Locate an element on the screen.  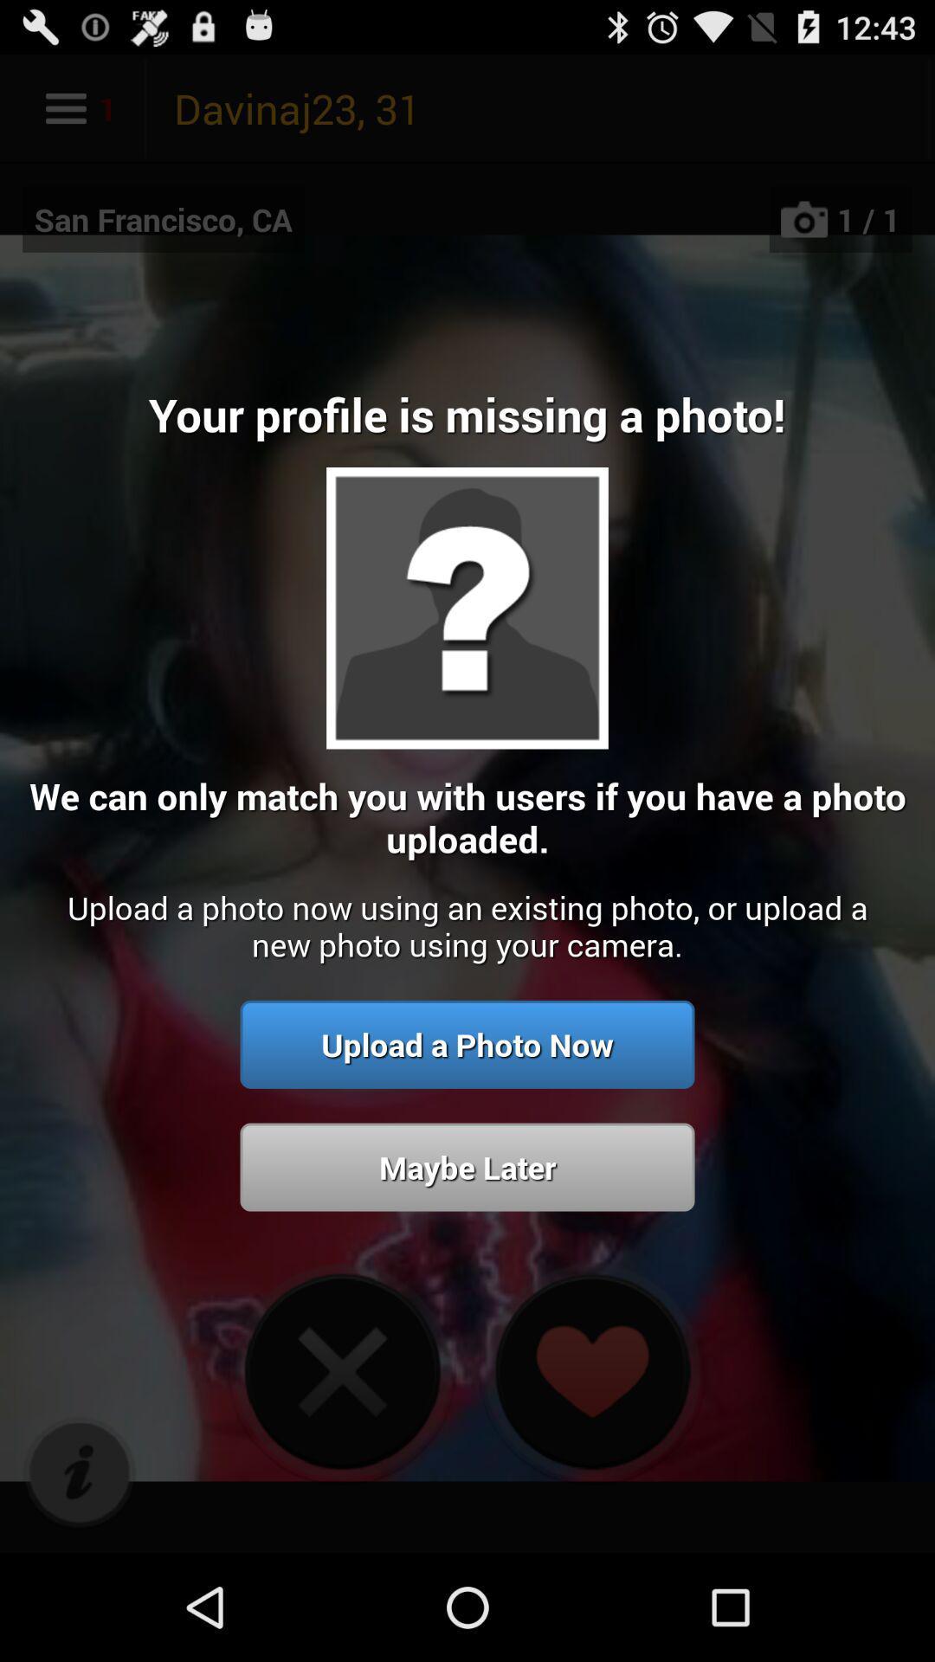
additional information is located at coordinates (79, 1472).